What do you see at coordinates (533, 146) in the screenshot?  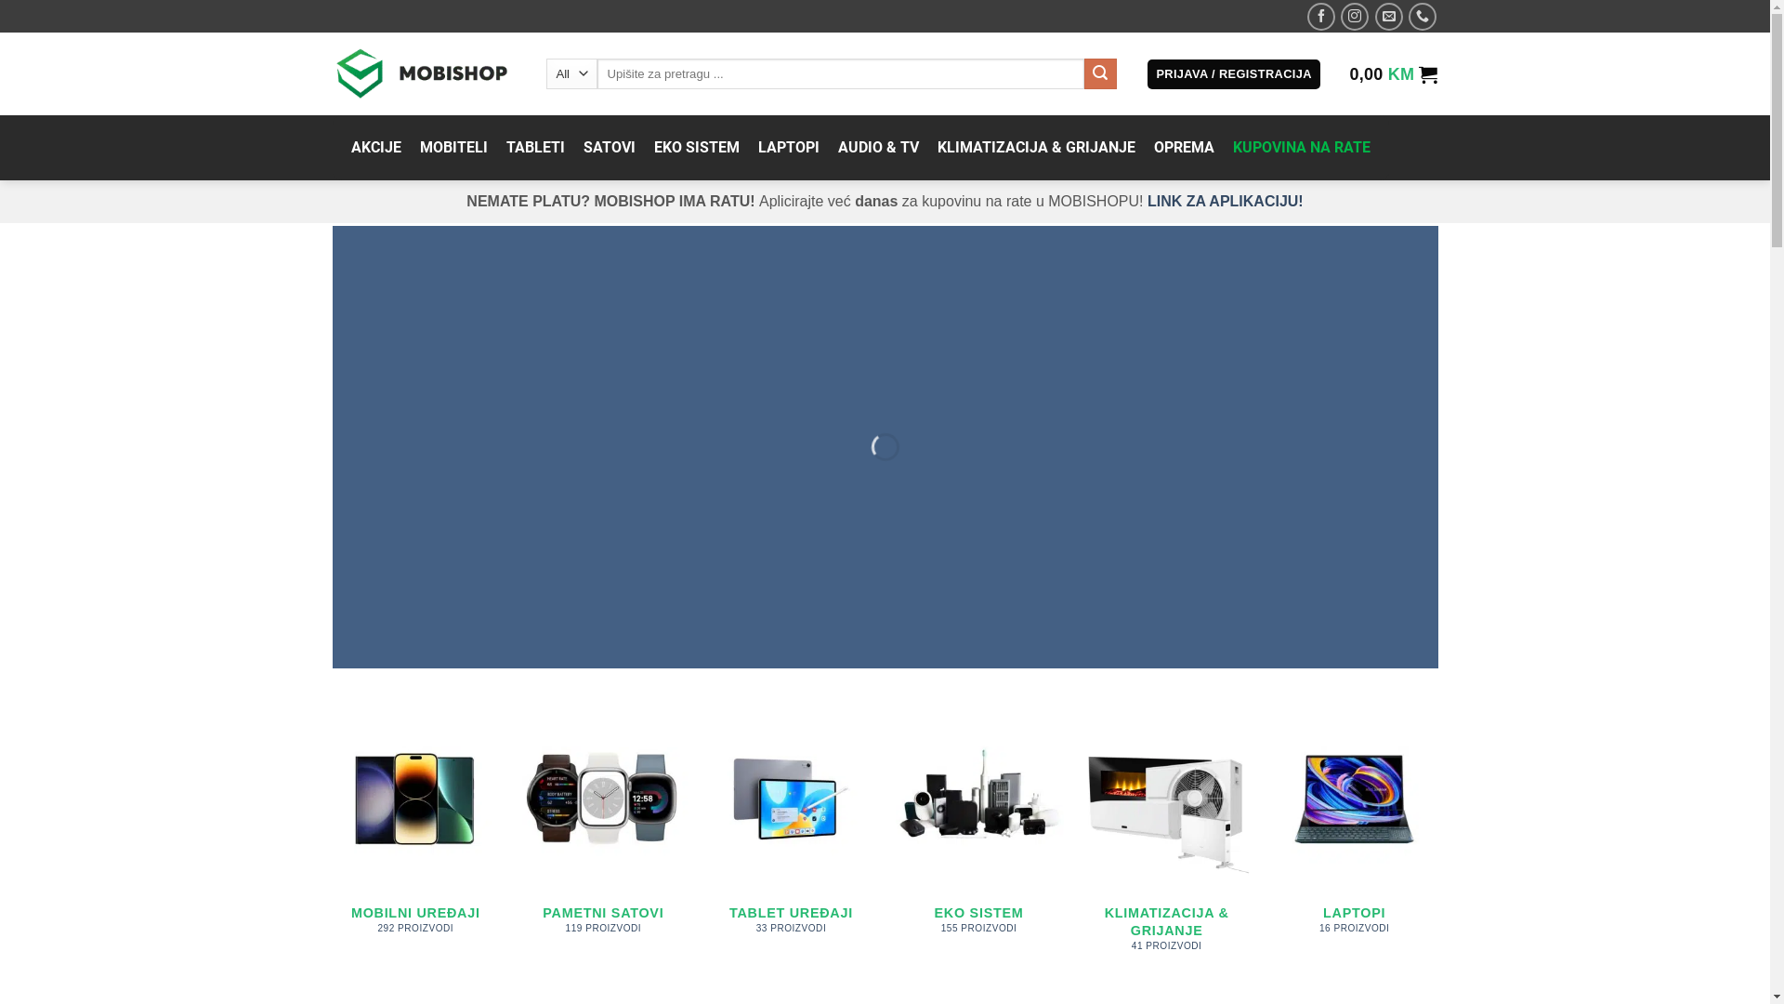 I see `'TABLETI'` at bounding box center [533, 146].